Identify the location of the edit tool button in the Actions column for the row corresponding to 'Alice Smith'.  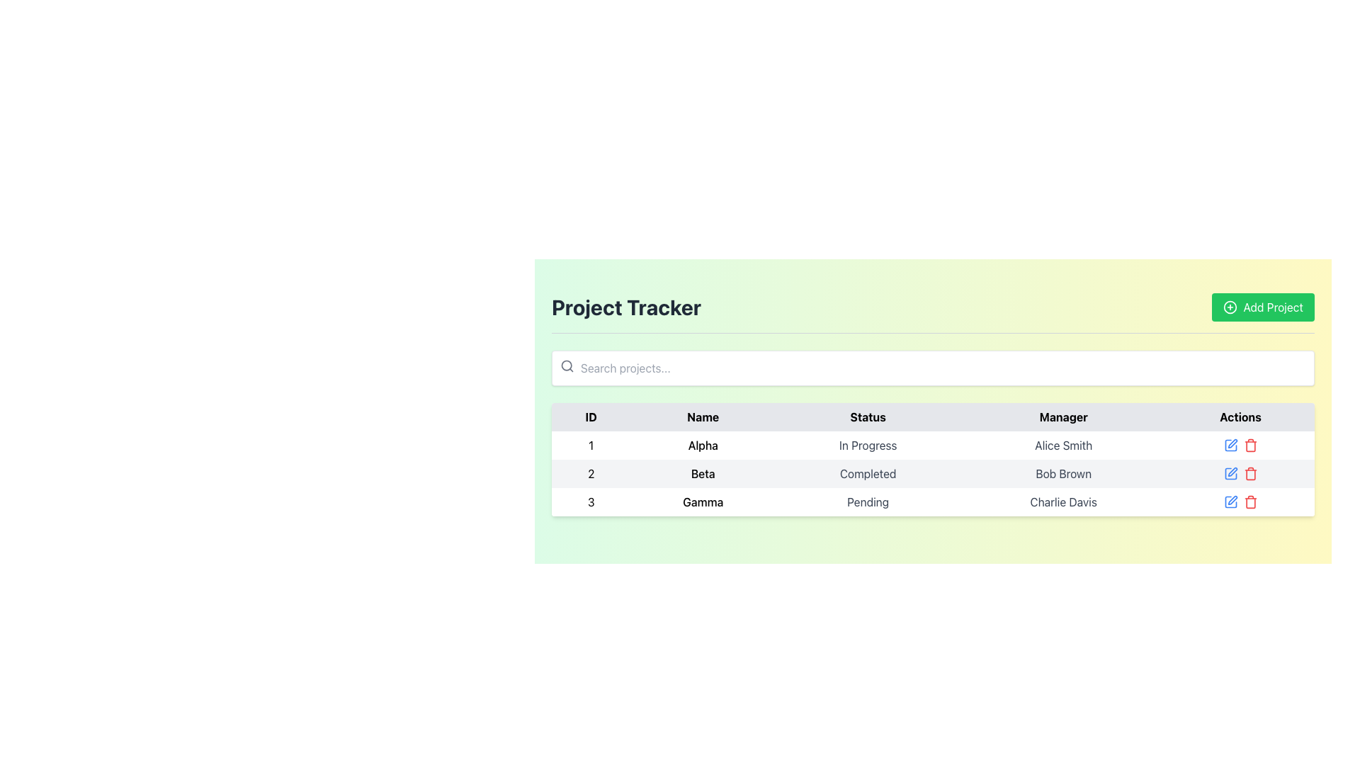
(1230, 444).